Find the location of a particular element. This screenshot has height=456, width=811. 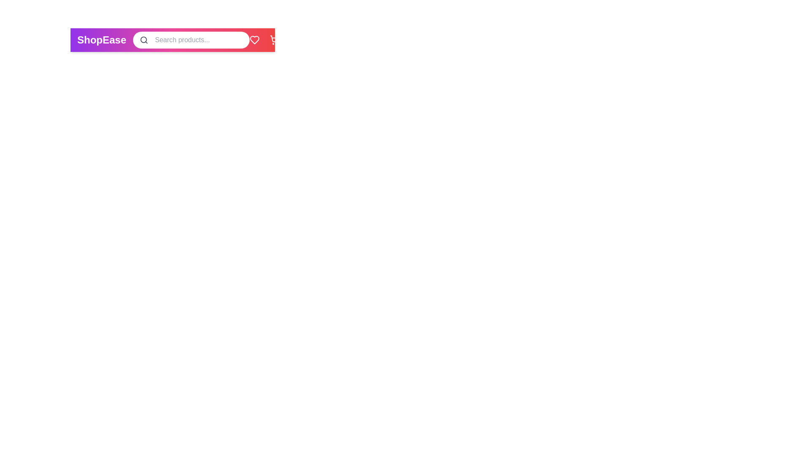

the user icon to view account settings is located at coordinates (295, 40).